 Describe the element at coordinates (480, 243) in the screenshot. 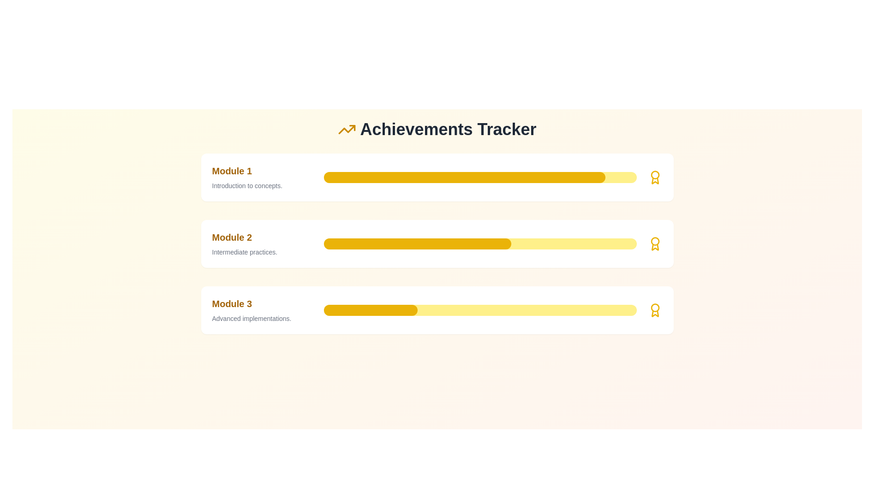

I see `the Progress bar representing the completion ratio of 'Module 2' in the 'Achievements Tracker' interface` at that location.